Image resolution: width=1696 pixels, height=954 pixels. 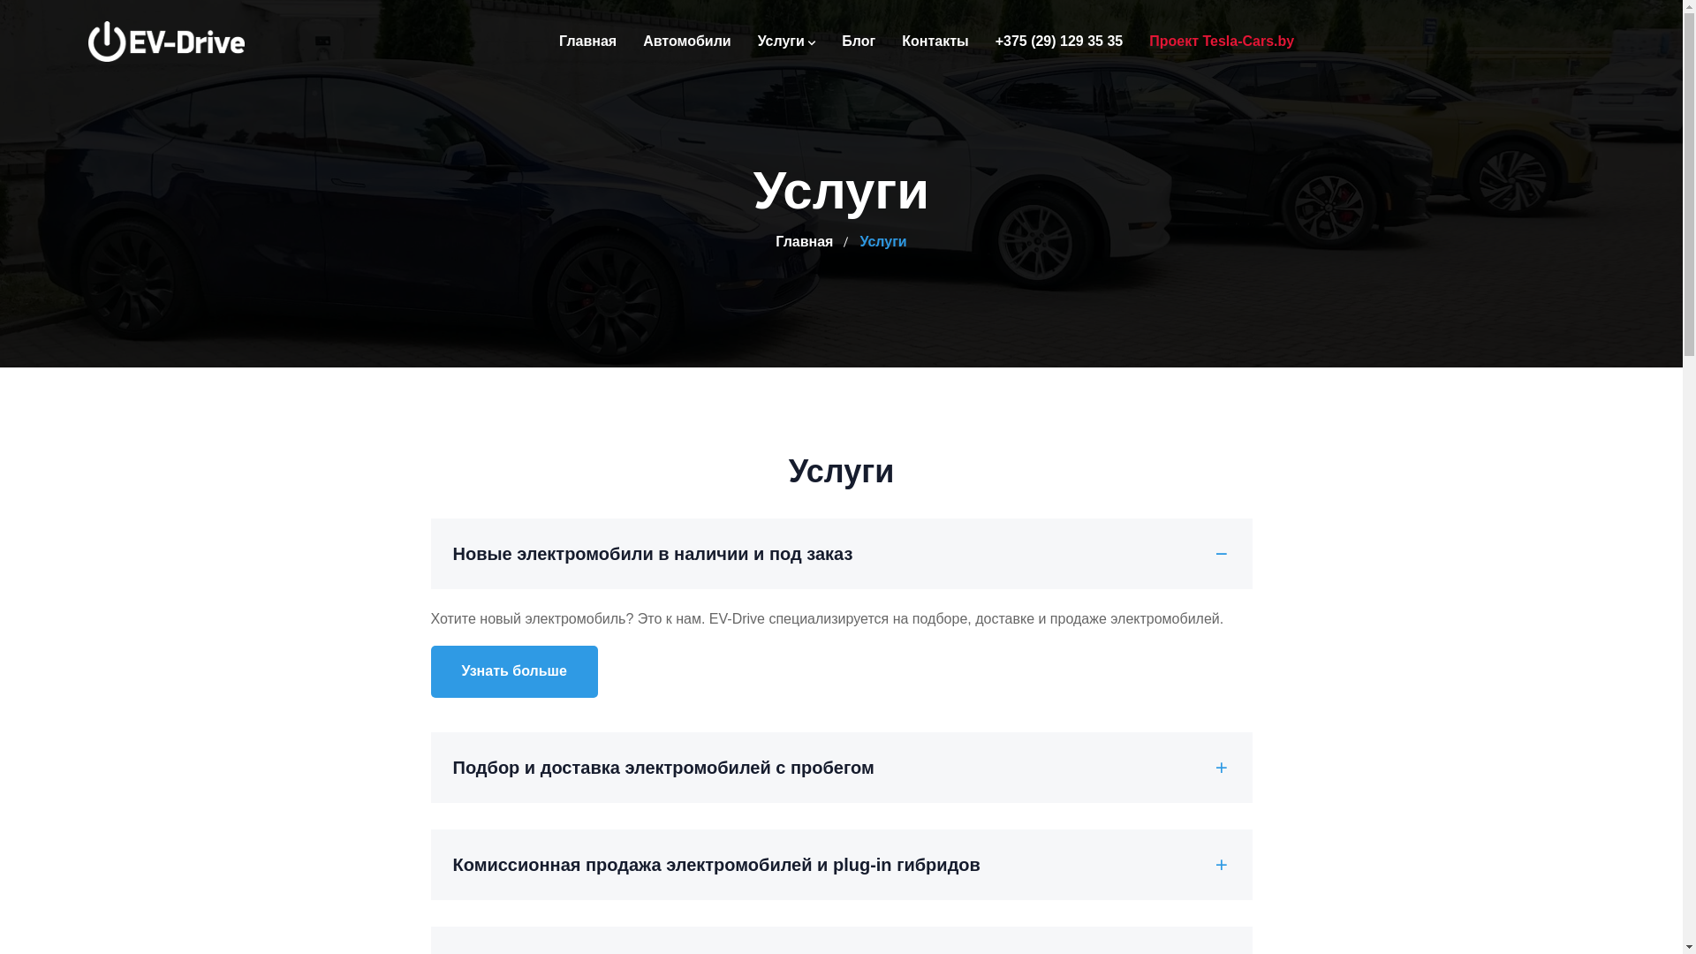 I want to click on '+375 (29) 129 35 35', so click(x=1059, y=40).